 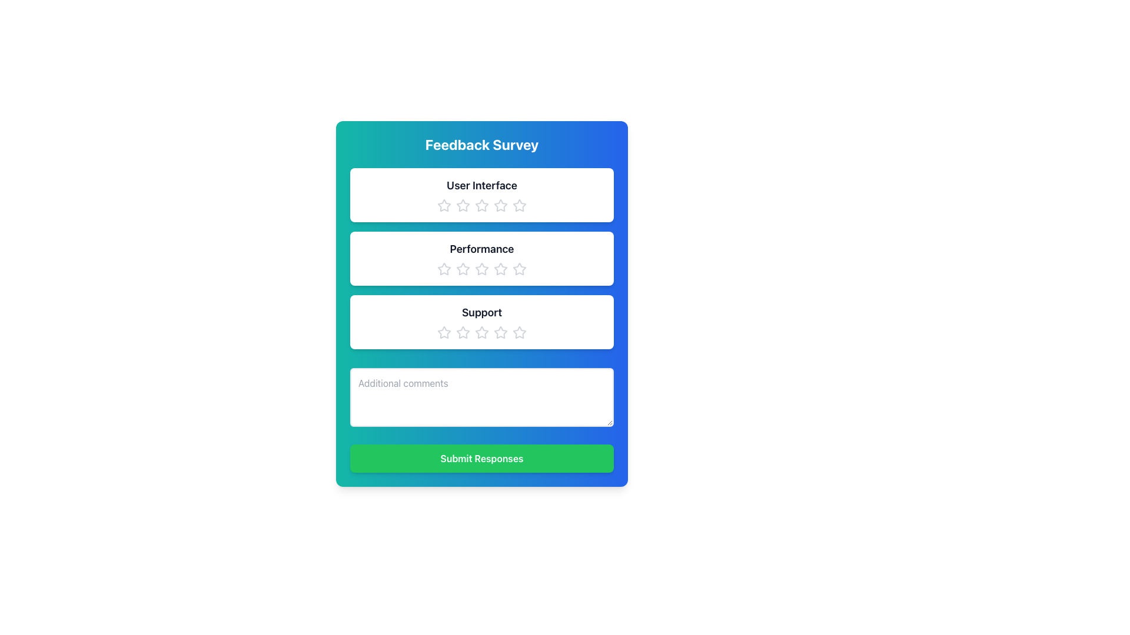 I want to click on the submit button located at the bottom of the feedback form card, so click(x=482, y=457).